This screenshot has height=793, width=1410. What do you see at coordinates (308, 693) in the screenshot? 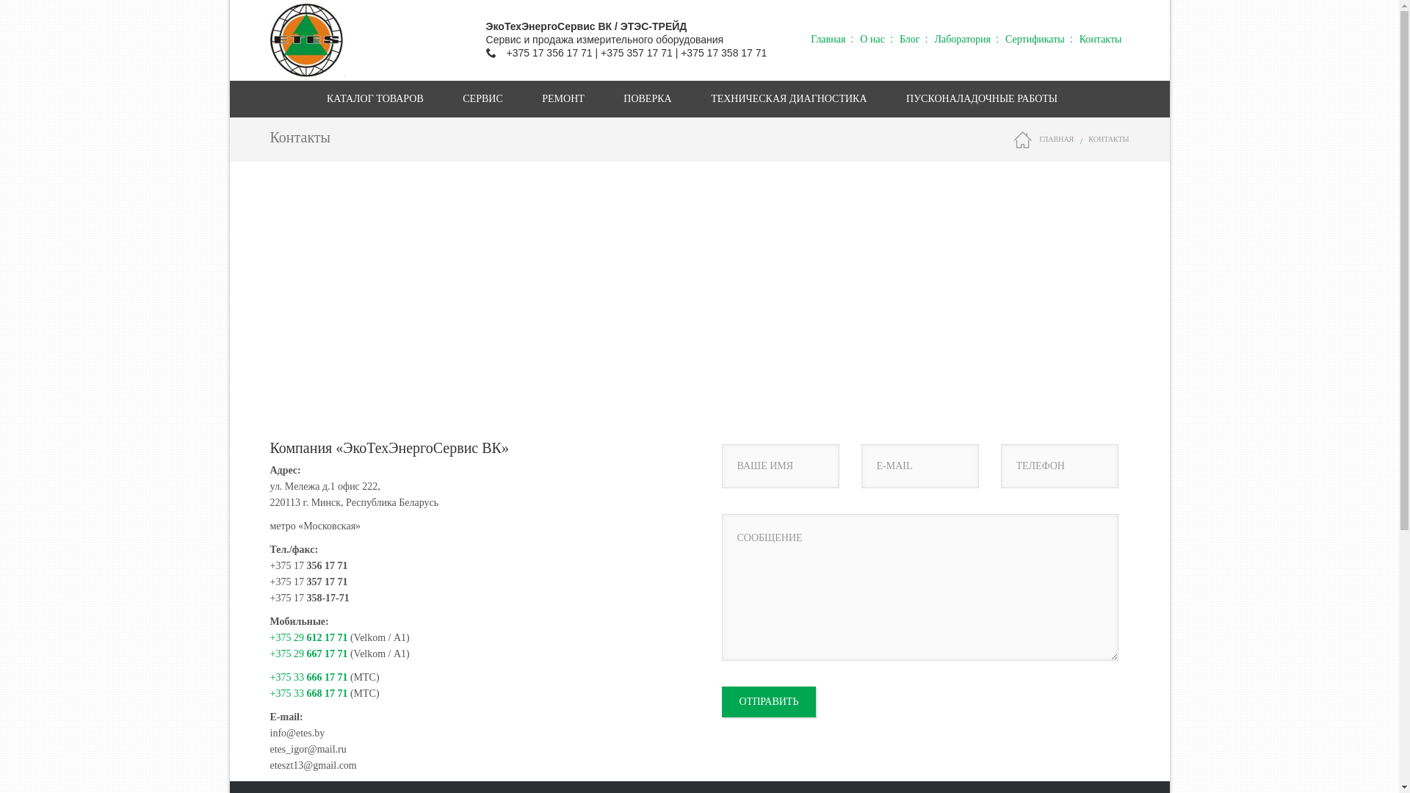
I see `'+375 33 668 17 71'` at bounding box center [308, 693].